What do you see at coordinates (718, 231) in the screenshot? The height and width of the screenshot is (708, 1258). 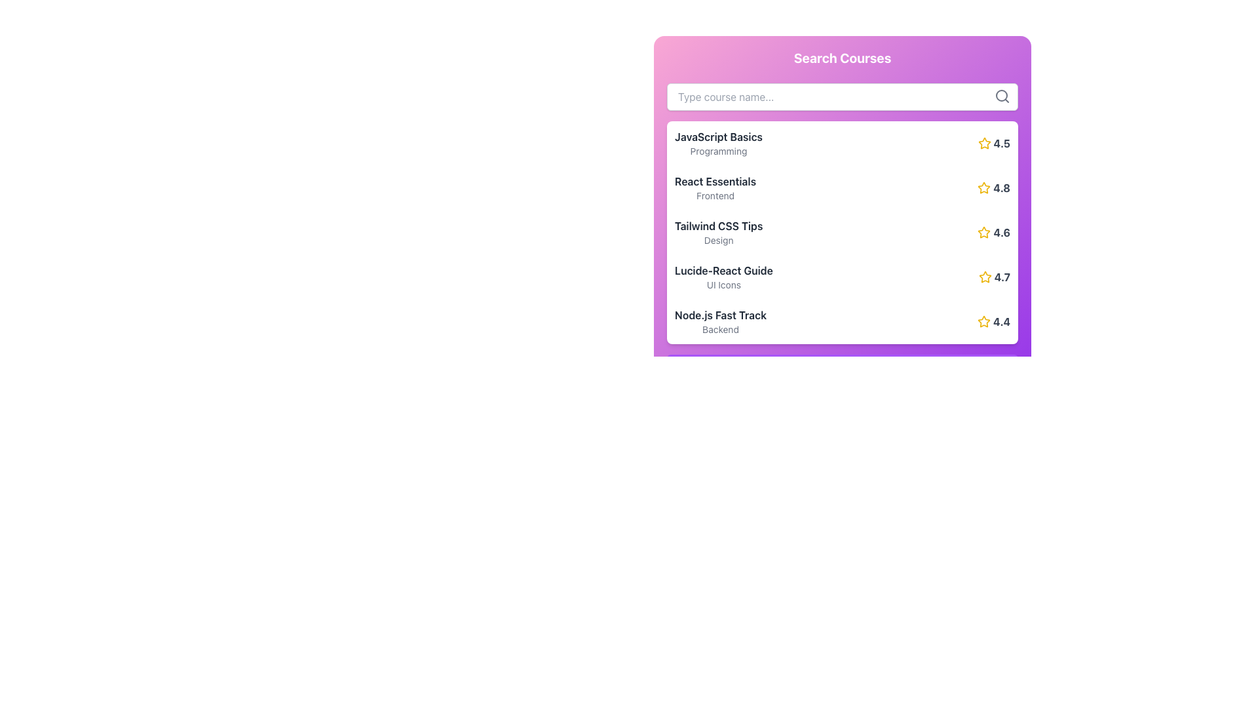 I see `the third item in the sidebar list, labeled 'Tailwind CSS Tips'` at bounding box center [718, 231].